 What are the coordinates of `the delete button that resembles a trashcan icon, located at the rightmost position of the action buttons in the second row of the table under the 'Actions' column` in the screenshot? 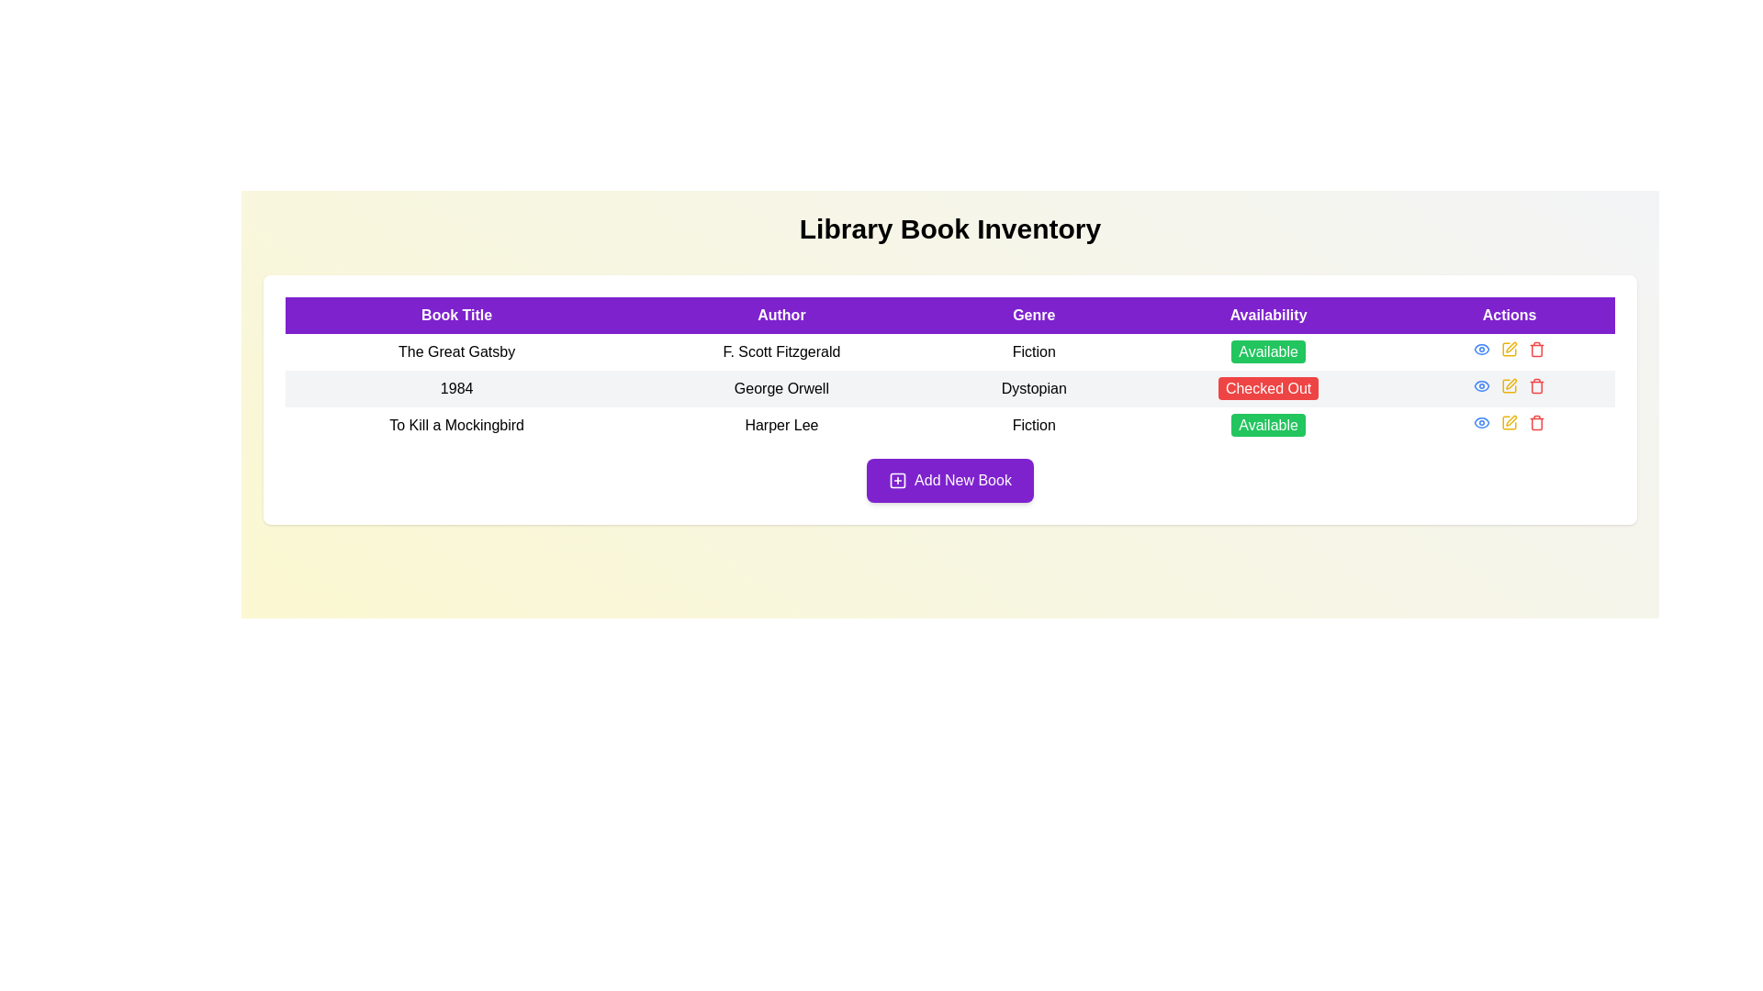 It's located at (1537, 384).